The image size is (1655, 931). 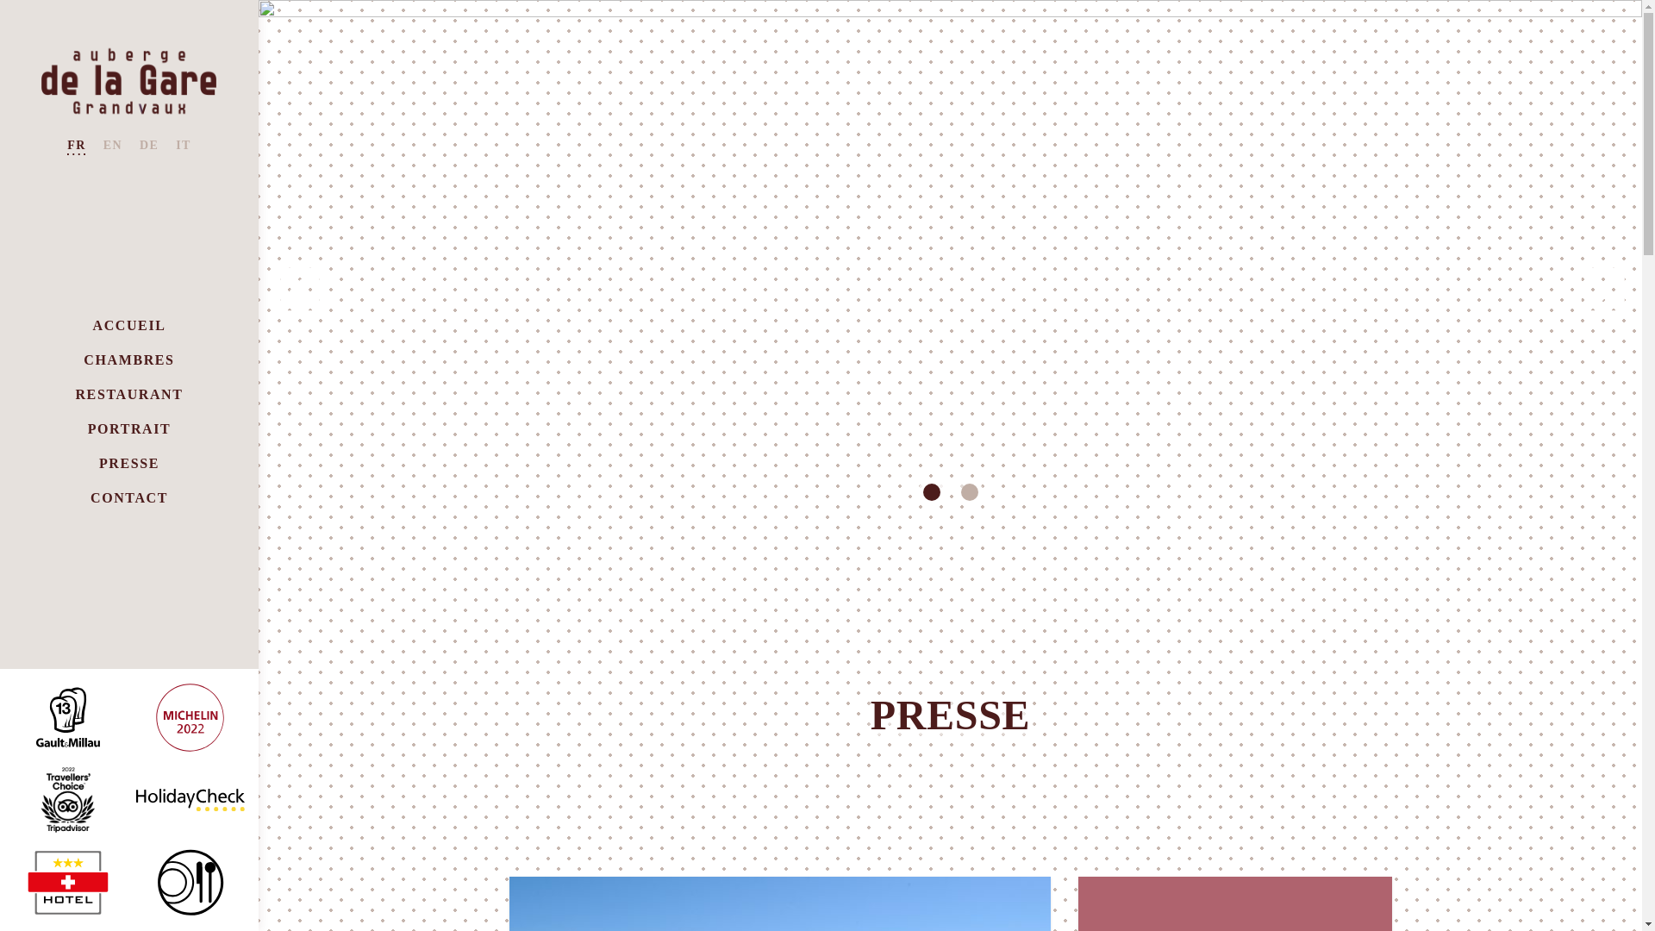 What do you see at coordinates (128, 359) in the screenshot?
I see `'CHAMBRES'` at bounding box center [128, 359].